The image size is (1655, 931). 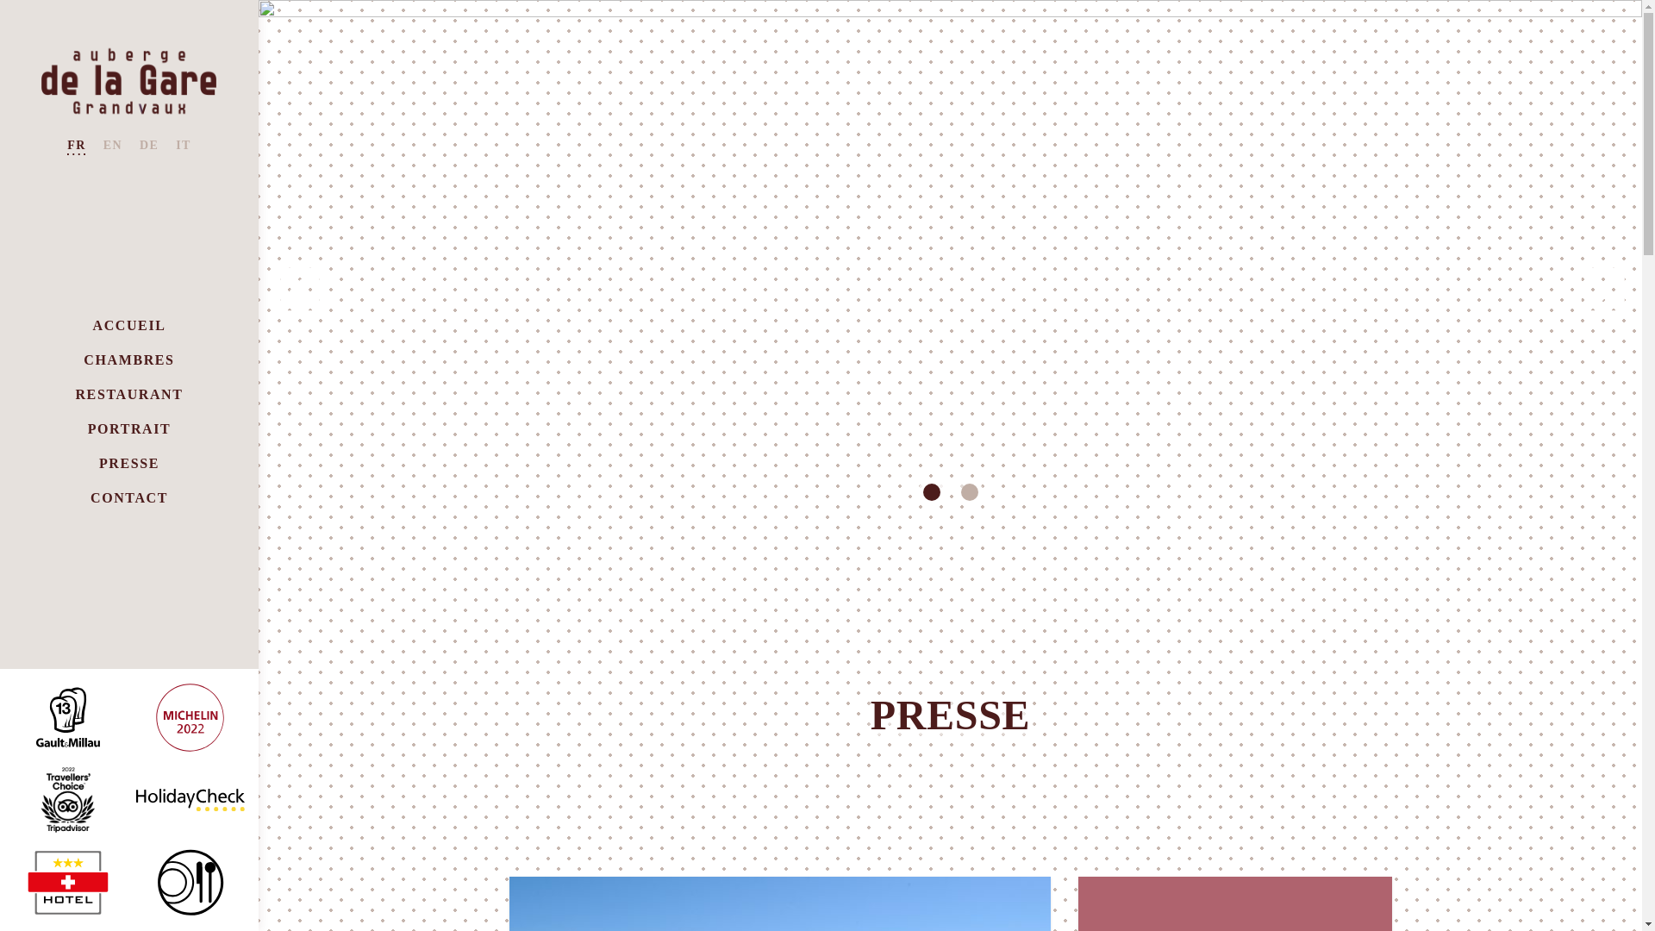 What do you see at coordinates (128, 359) in the screenshot?
I see `'CHAMBRES'` at bounding box center [128, 359].